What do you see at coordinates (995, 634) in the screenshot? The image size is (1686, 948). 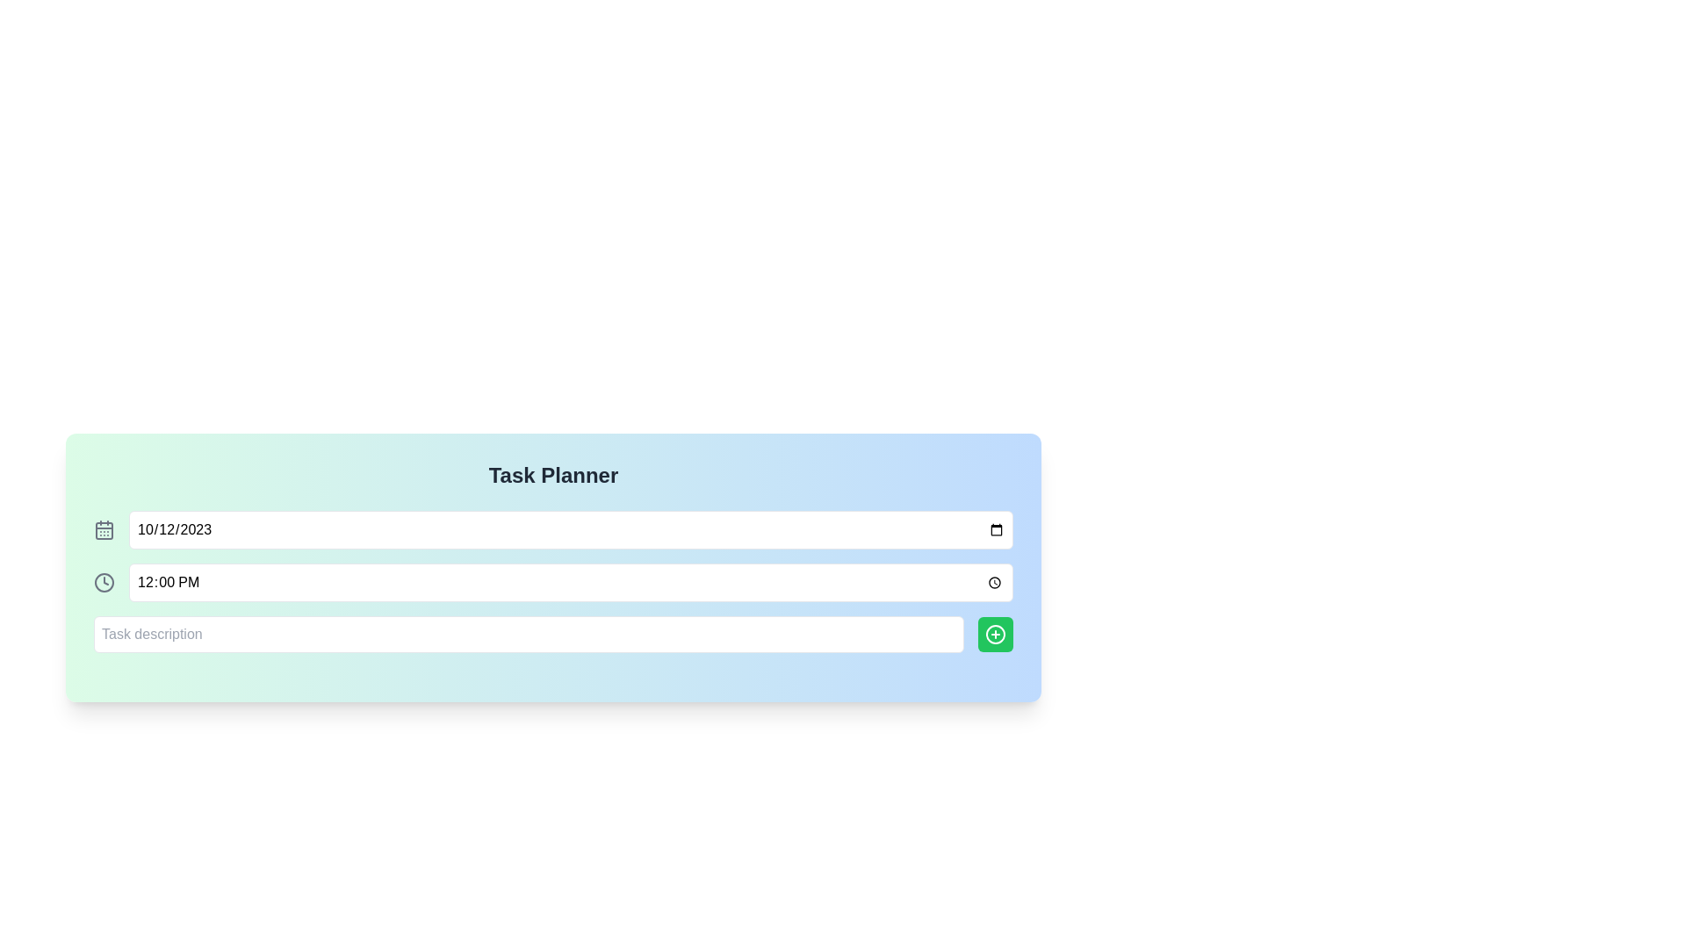 I see `the 'add' button located at the bottom-right corner of the form layout to initiate the task addition functionality` at bounding box center [995, 634].